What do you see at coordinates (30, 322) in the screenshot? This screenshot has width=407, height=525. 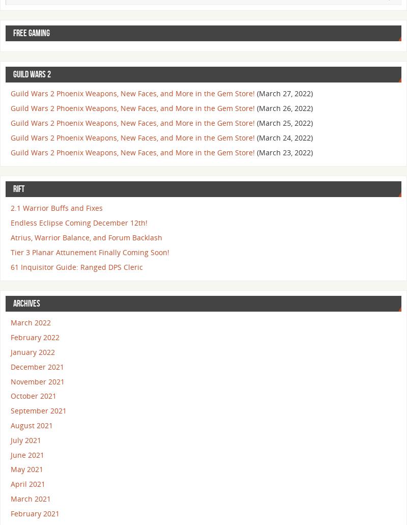 I see `'March 2022'` at bounding box center [30, 322].